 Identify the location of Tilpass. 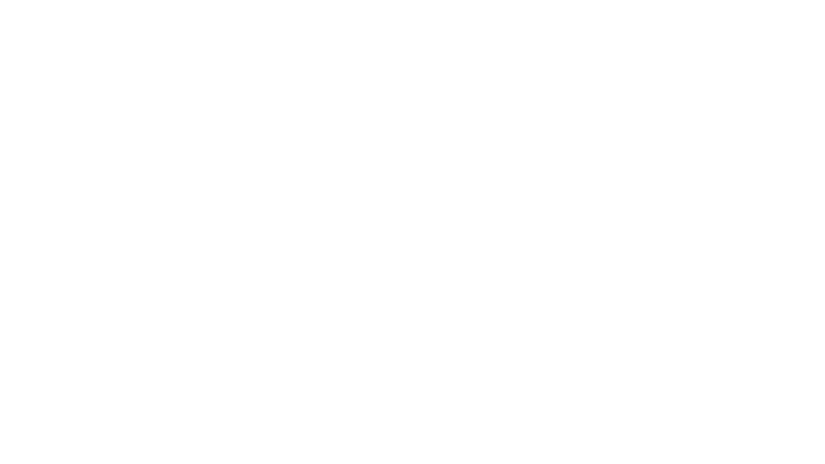
(412, 304).